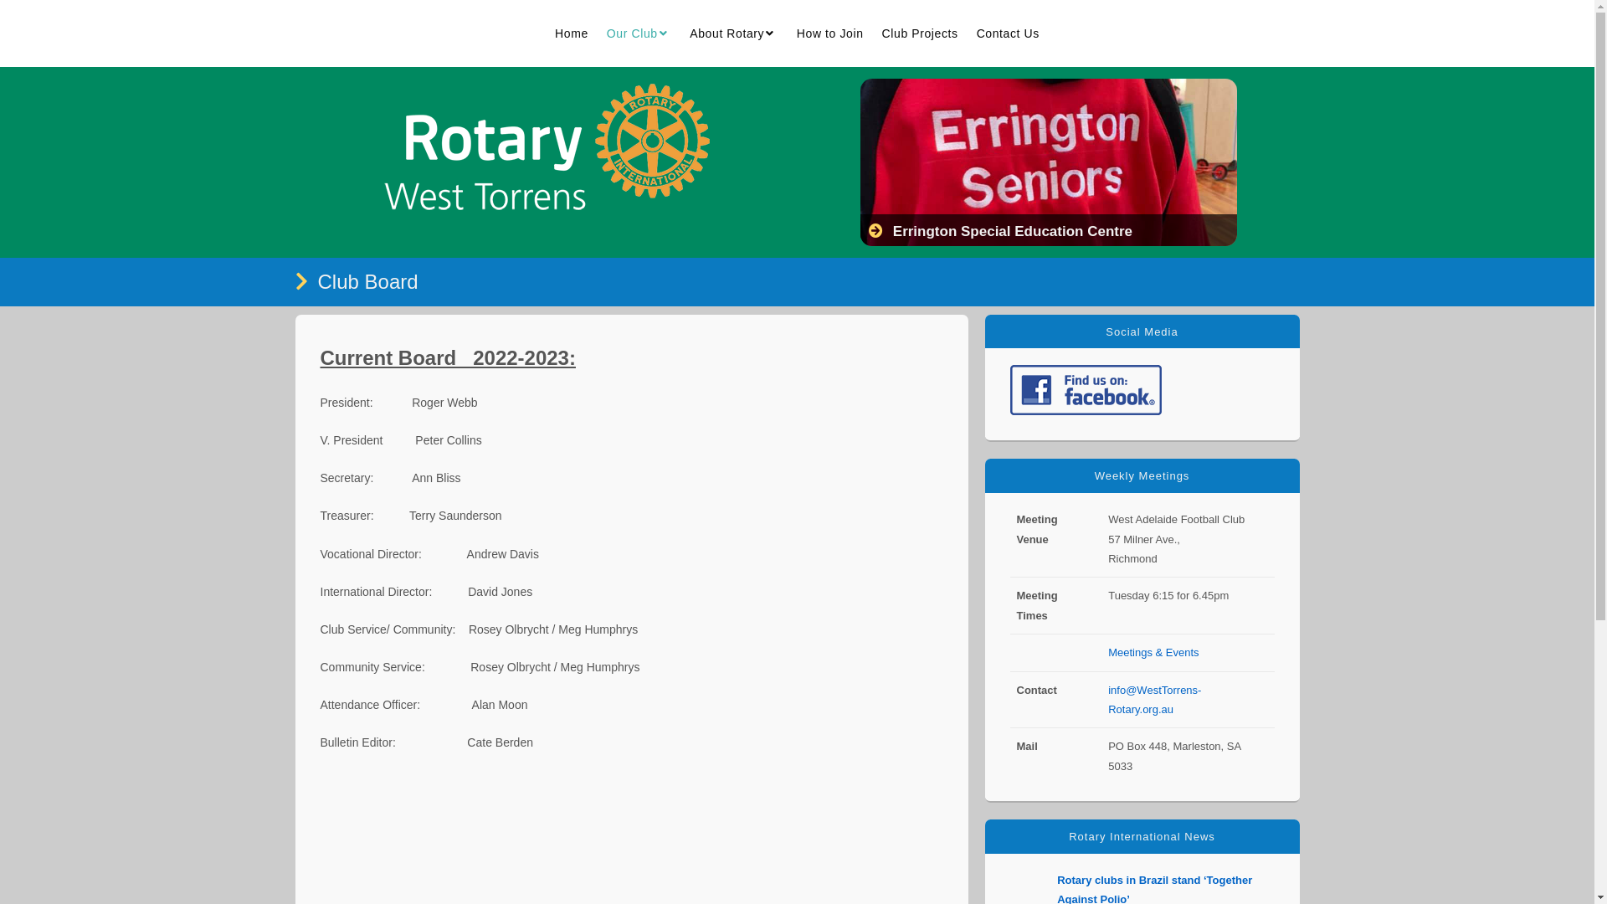 The image size is (1607, 904). I want to click on 'About Rotary', so click(680, 33).